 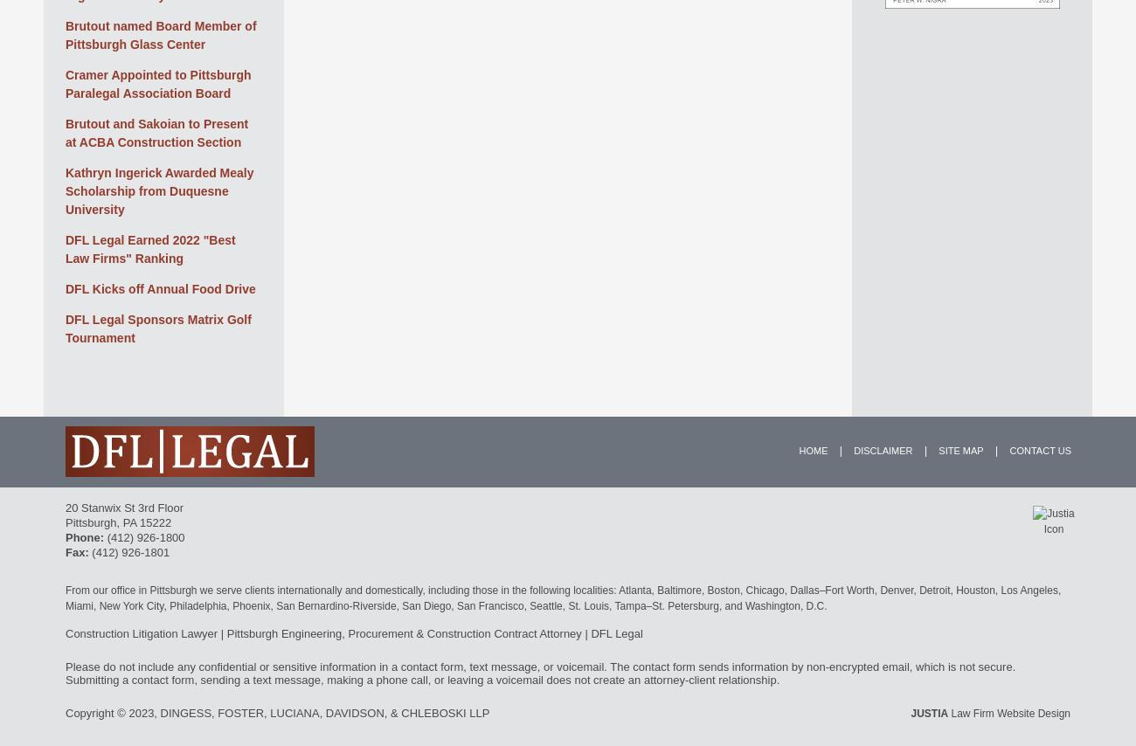 I want to click on 'Please do not include any confidential or sensitive information in a contact form, text message, or voicemail. The contact form sends information by non-encrypted email, which is not secure. Submitting a contact form, sending a text message, making a phone call, or leaving a voicemail does not create an attorney-client relationship.', so click(x=66, y=672).